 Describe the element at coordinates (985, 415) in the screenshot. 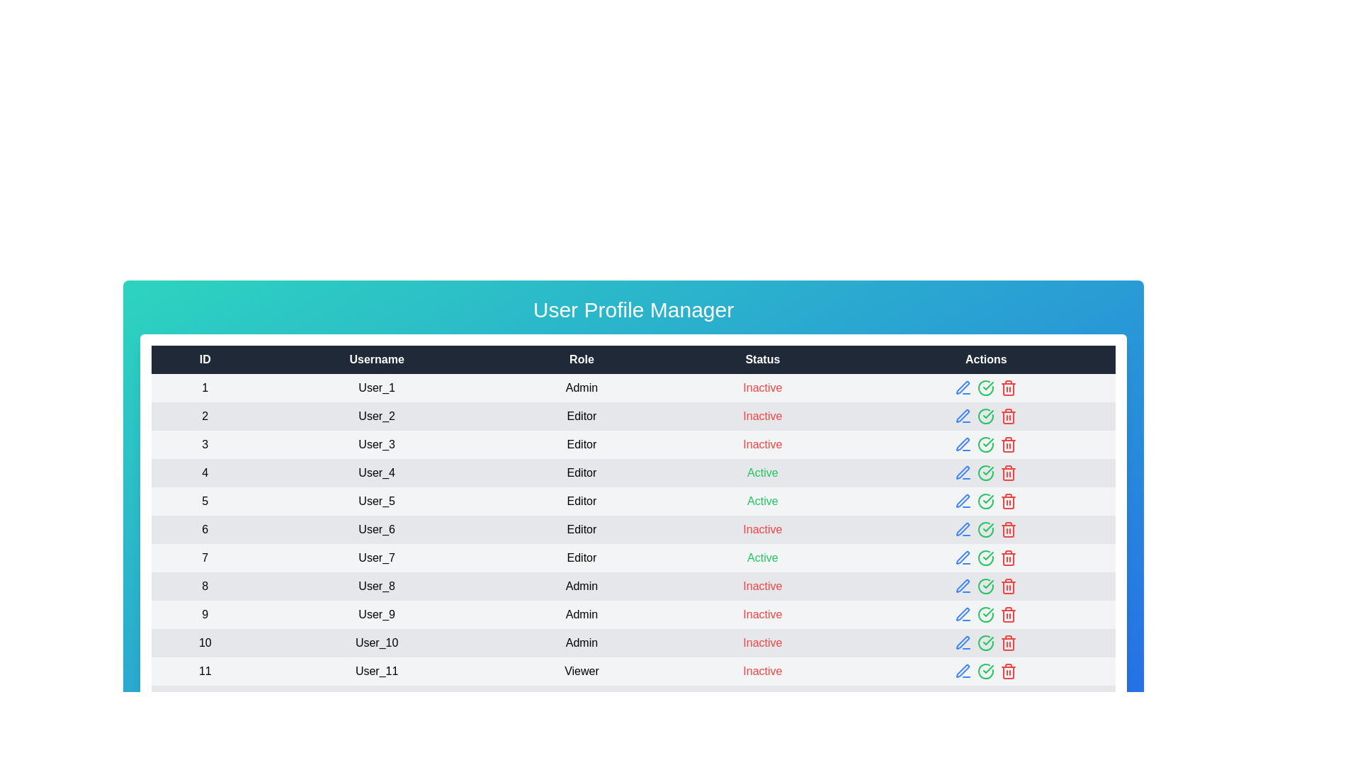

I see `the status icon to change the user's status to Inactive` at that location.